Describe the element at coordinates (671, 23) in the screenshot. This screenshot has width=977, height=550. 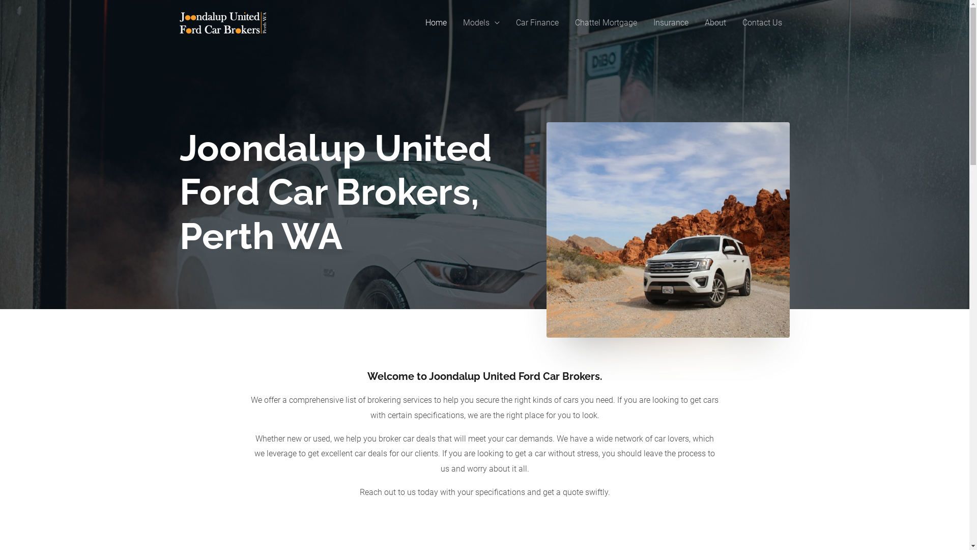
I see `'Insurance'` at that location.